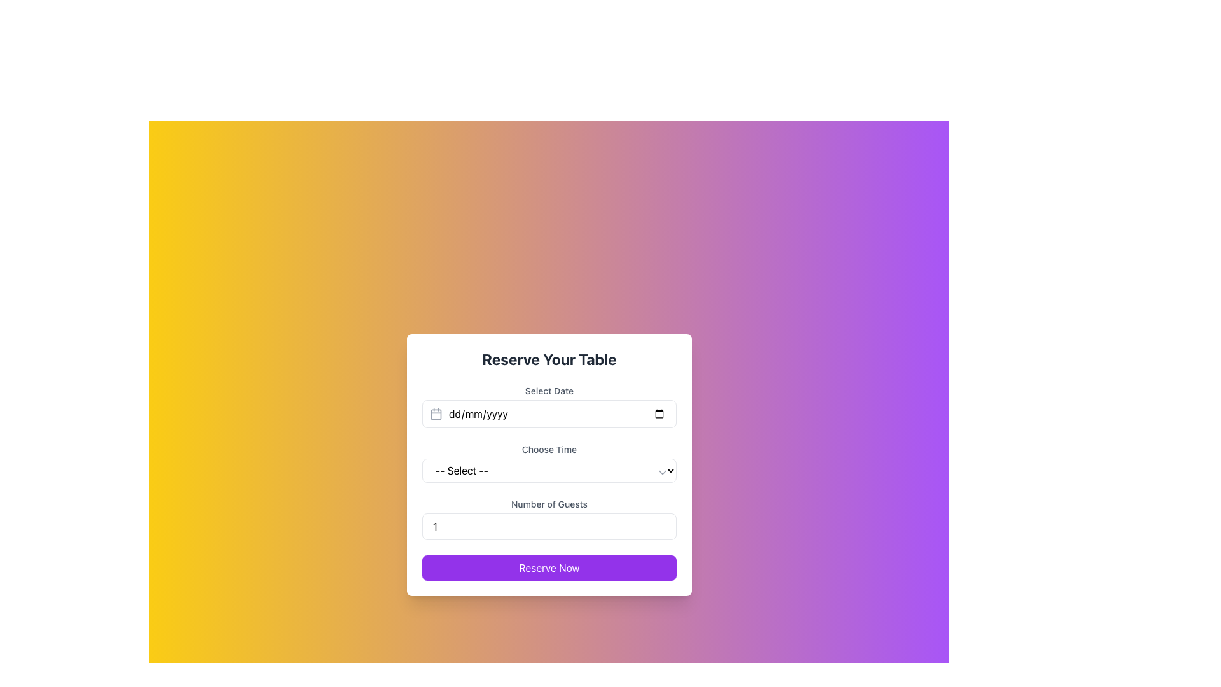 Image resolution: width=1221 pixels, height=687 pixels. I want to click on the SVG rectangle that is part of the calendar icon located in the 'Select Date' input field, which is positioned near the top of the form titled 'Reserve Your Table', so click(436, 414).